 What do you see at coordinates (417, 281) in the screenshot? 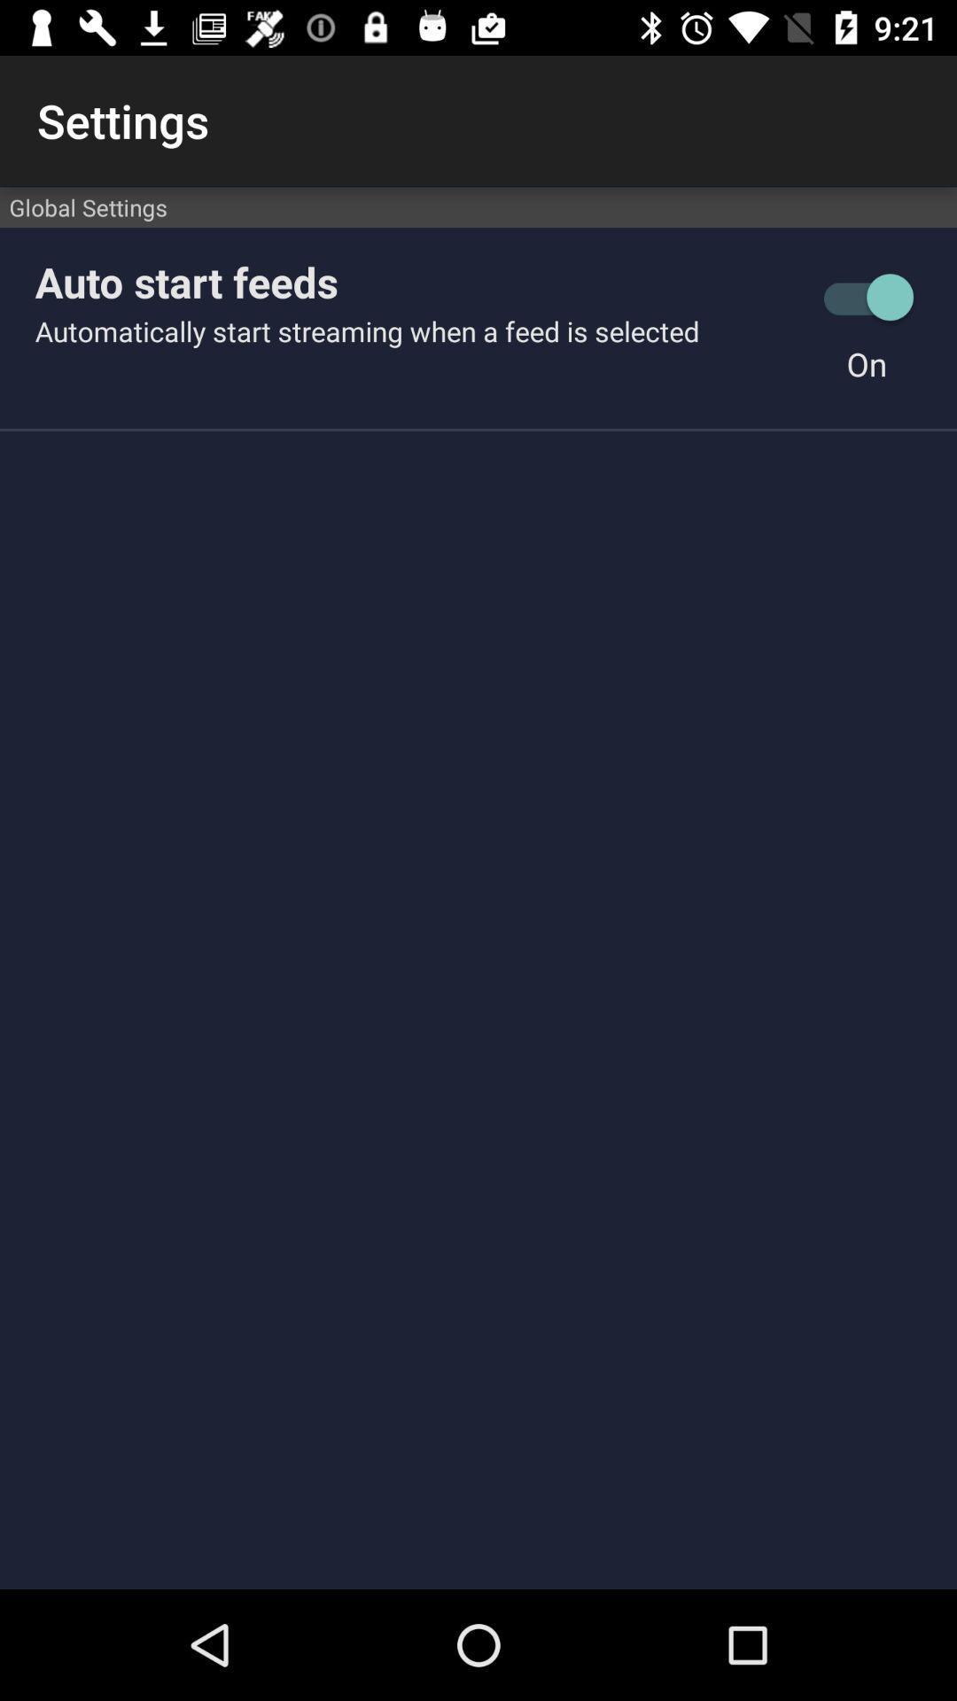
I see `the item above the automatically start streaming item` at bounding box center [417, 281].